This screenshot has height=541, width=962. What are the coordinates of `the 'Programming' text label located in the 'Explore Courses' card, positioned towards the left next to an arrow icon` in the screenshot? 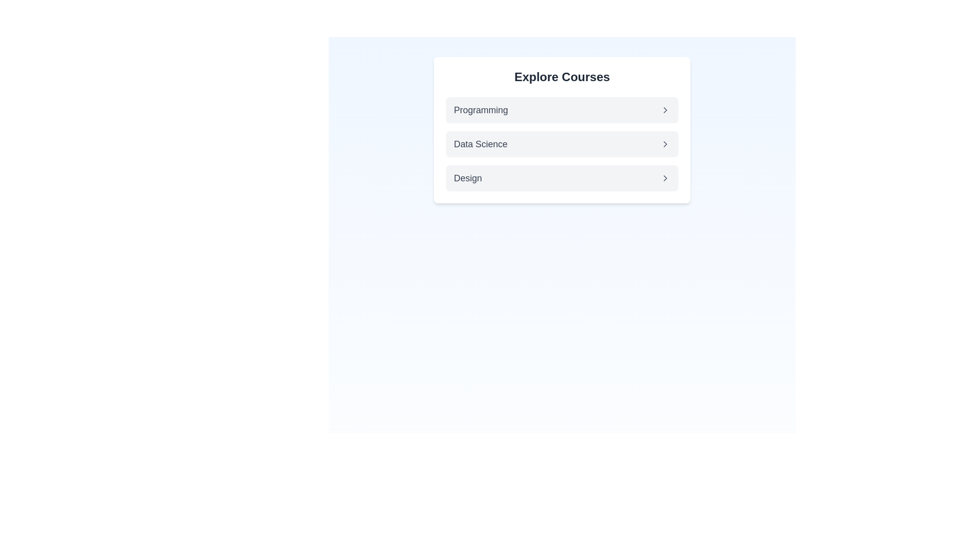 It's located at (481, 110).